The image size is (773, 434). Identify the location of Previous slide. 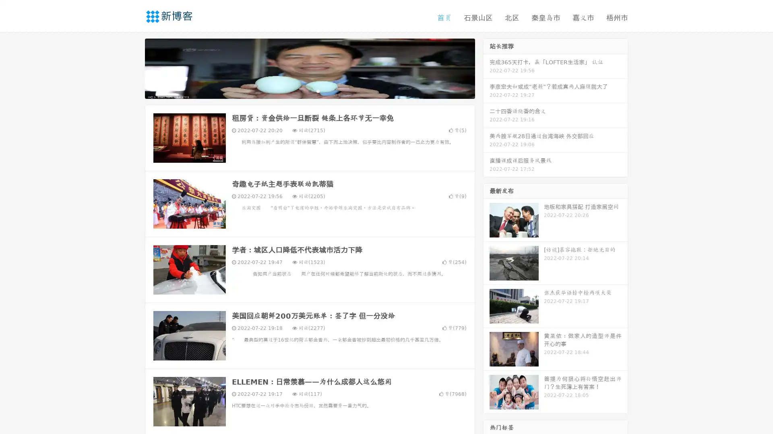
(133, 68).